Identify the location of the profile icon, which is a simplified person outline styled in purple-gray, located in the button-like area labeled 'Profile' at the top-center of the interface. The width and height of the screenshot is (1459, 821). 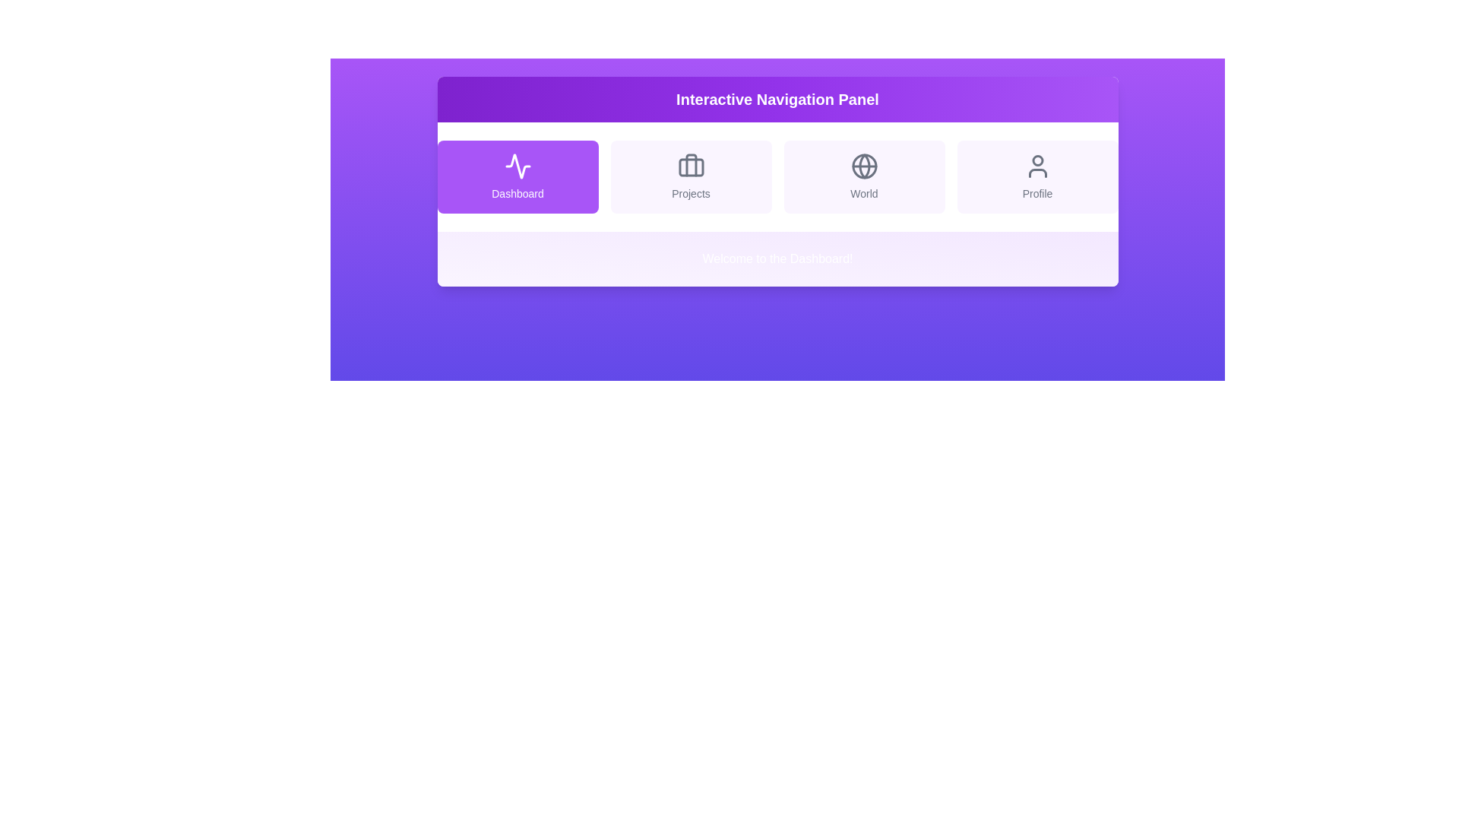
(1036, 166).